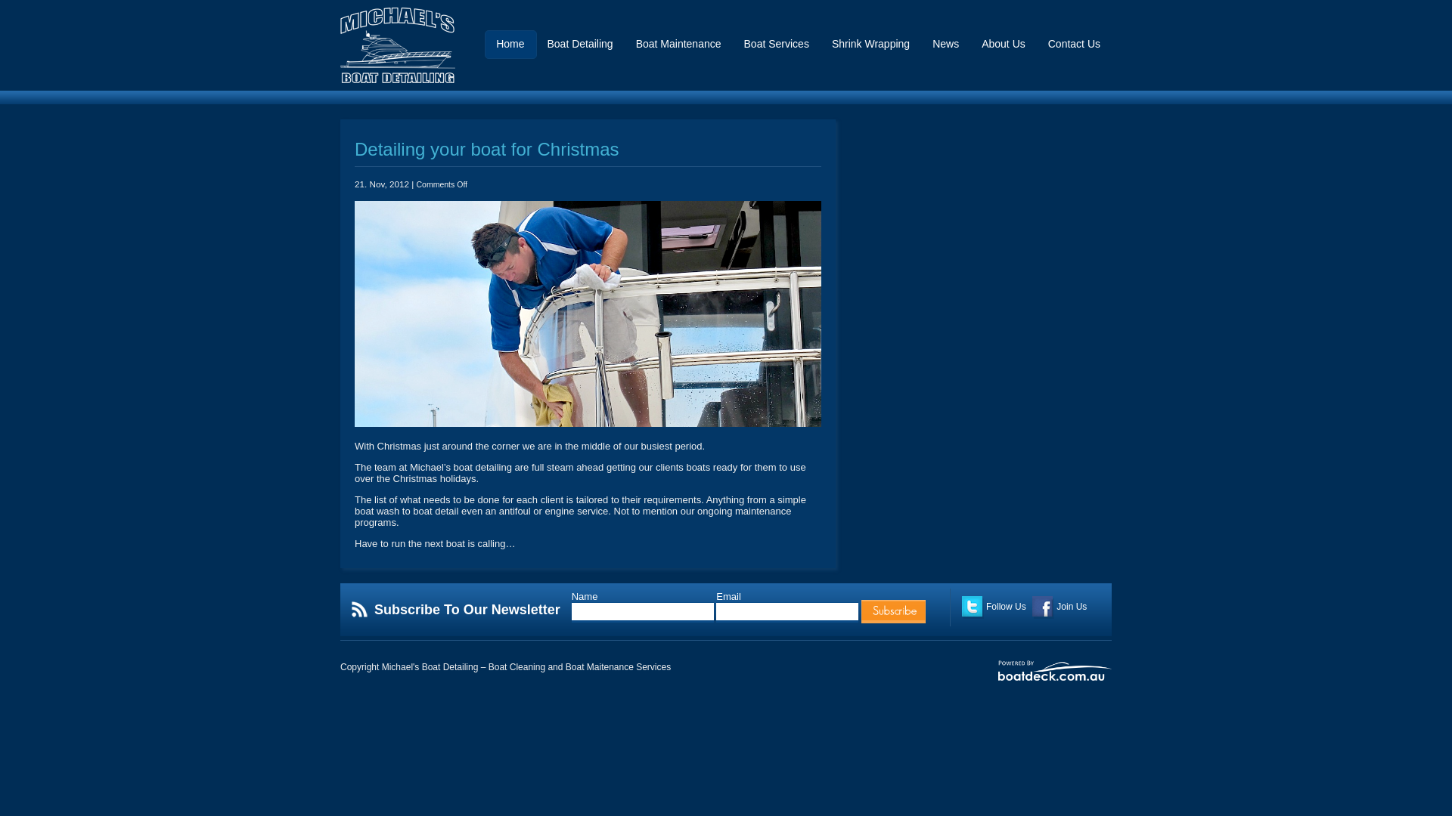 This screenshot has height=816, width=1452. What do you see at coordinates (945, 48) in the screenshot?
I see `'News'` at bounding box center [945, 48].